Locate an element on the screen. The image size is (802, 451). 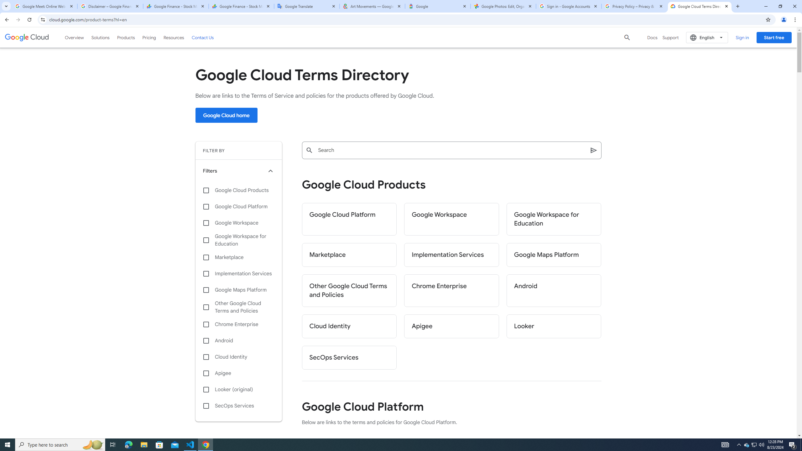
'Google Cloud home' is located at coordinates (226, 115).